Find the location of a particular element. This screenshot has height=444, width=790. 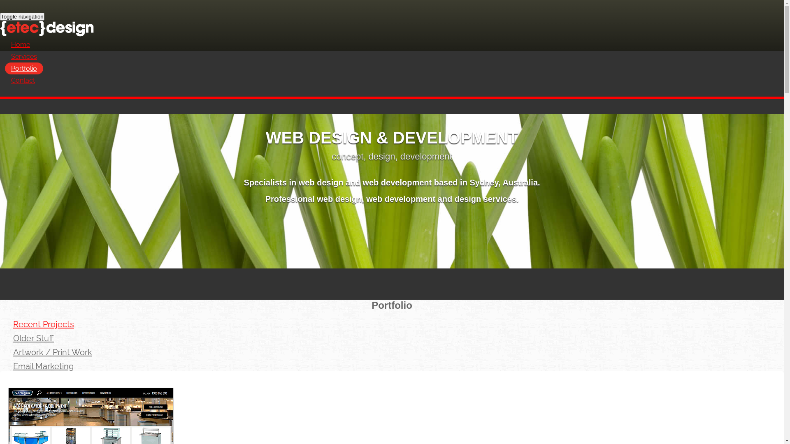

'Email Marketing' is located at coordinates (43, 366).